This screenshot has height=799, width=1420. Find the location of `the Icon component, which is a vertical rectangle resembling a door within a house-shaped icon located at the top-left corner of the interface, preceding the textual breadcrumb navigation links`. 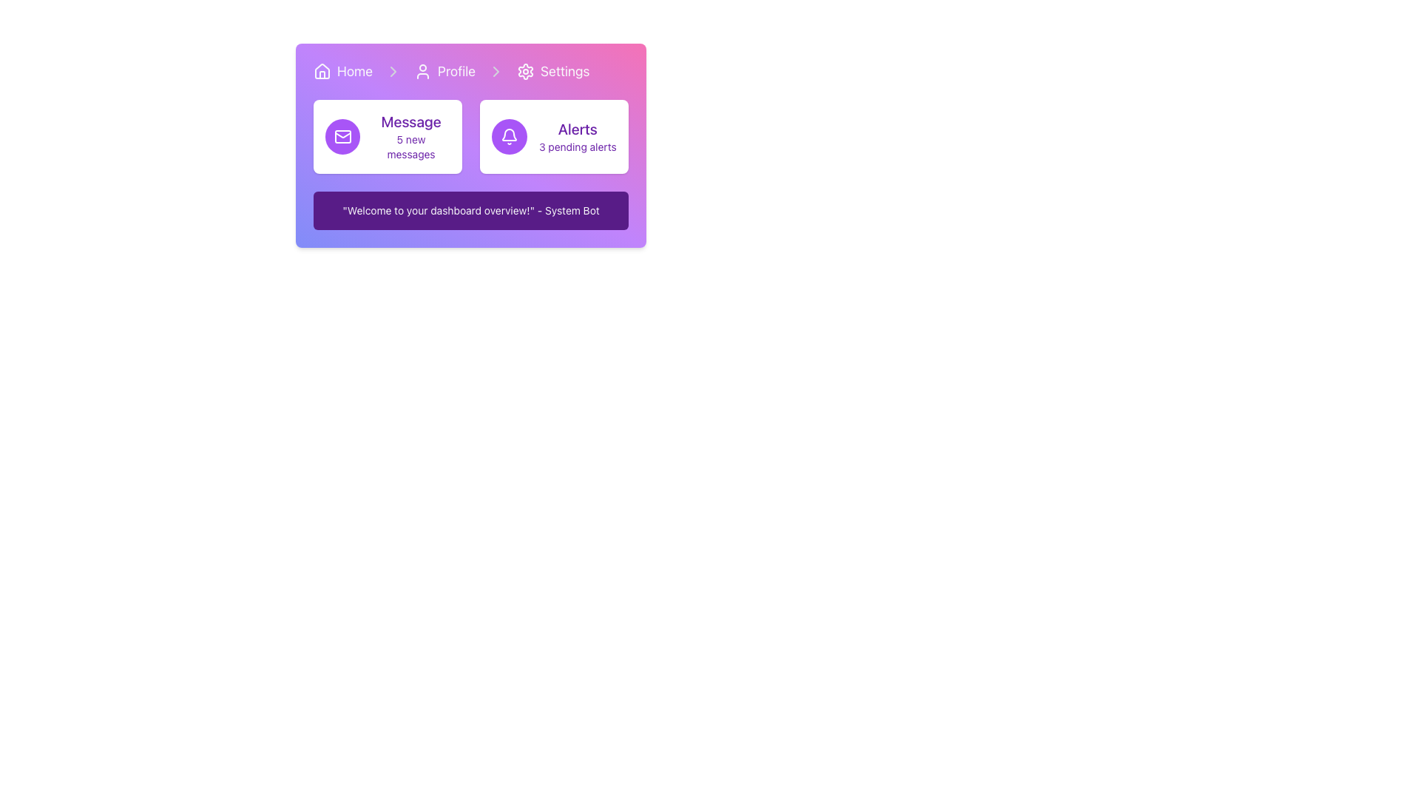

the Icon component, which is a vertical rectangle resembling a door within a house-shaped icon located at the top-left corner of the interface, preceding the textual breadcrumb navigation links is located at coordinates (322, 75).